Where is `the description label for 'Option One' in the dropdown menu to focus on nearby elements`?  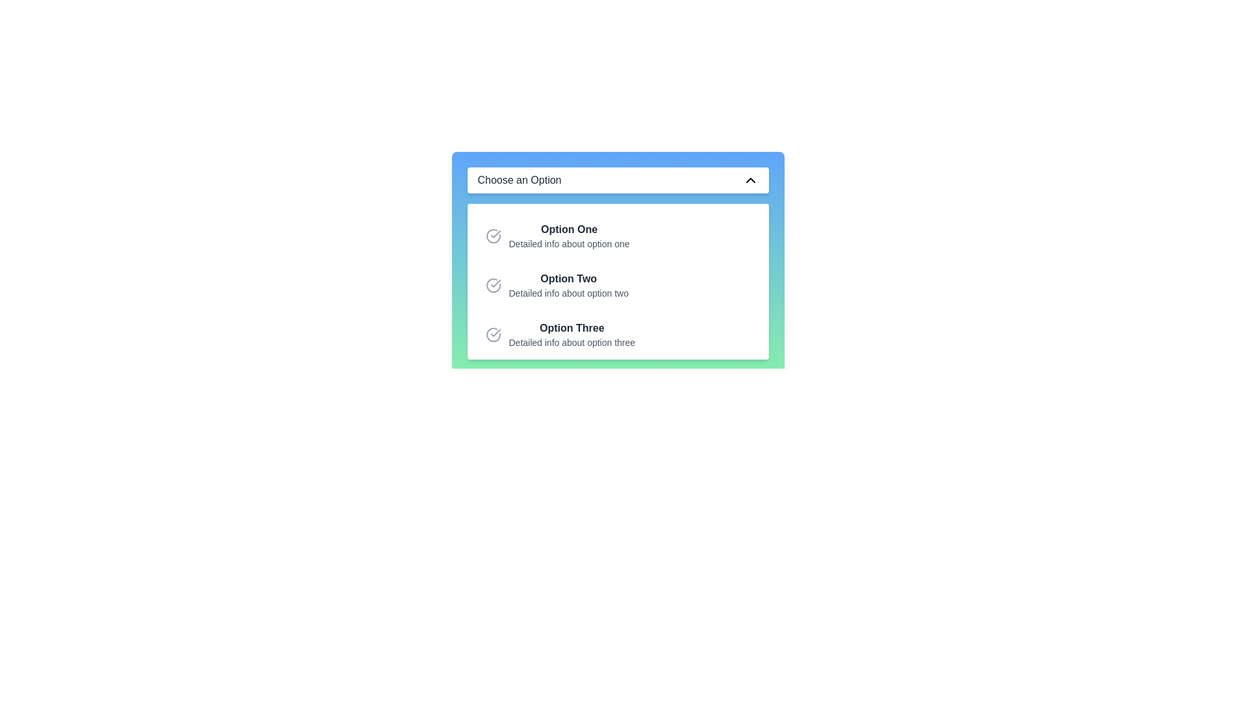
the description label for 'Option One' in the dropdown menu to focus on nearby elements is located at coordinates (569, 243).